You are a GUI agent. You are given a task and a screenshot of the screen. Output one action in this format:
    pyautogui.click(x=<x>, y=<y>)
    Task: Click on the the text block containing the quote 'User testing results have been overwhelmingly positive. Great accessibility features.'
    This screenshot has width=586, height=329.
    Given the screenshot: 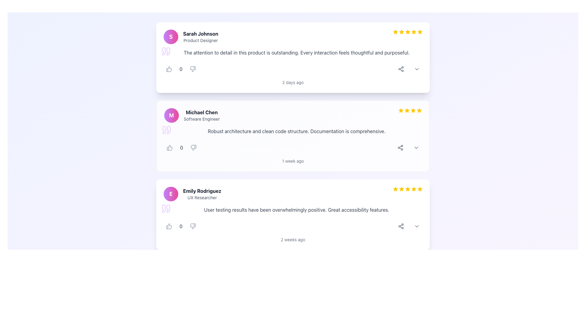 What is the action you would take?
    pyautogui.click(x=293, y=210)
    